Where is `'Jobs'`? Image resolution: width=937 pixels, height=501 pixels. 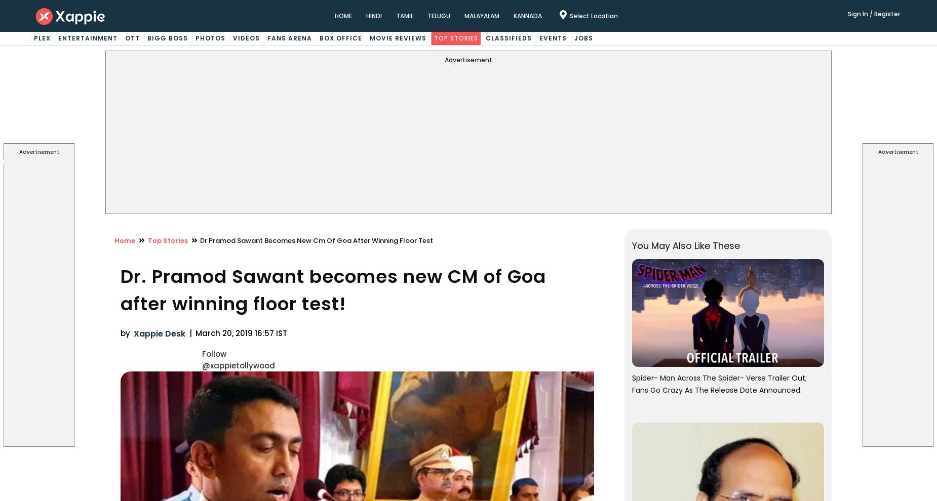 'Jobs' is located at coordinates (583, 38).